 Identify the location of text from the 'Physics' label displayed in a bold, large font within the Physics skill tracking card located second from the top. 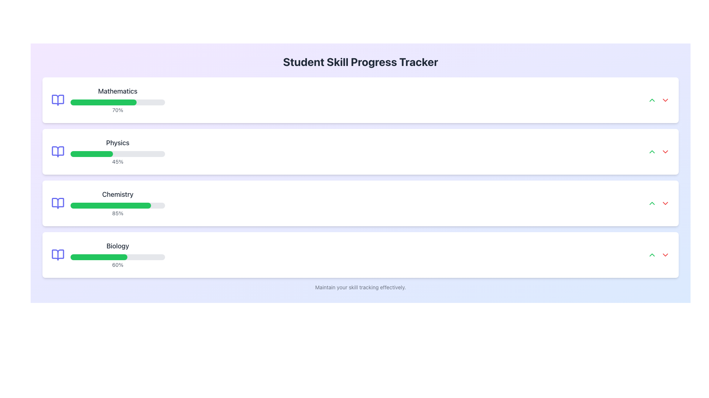
(117, 143).